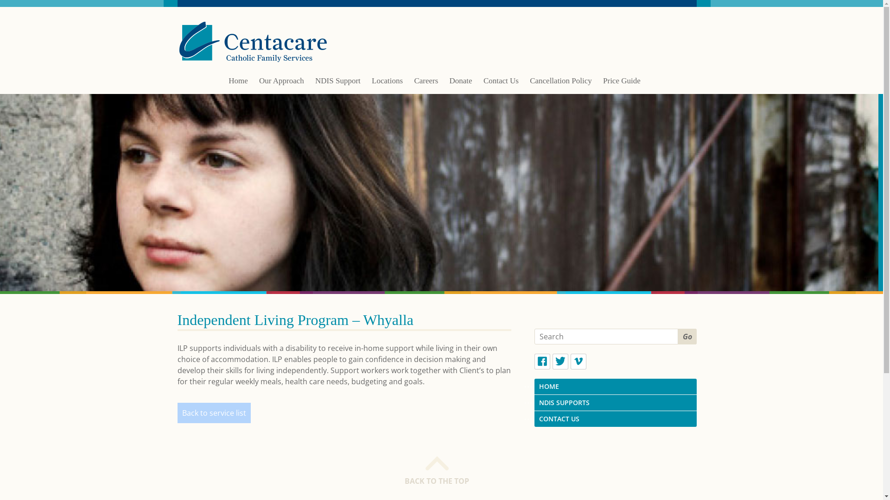 This screenshot has width=890, height=500. I want to click on 'Careers', so click(425, 85).